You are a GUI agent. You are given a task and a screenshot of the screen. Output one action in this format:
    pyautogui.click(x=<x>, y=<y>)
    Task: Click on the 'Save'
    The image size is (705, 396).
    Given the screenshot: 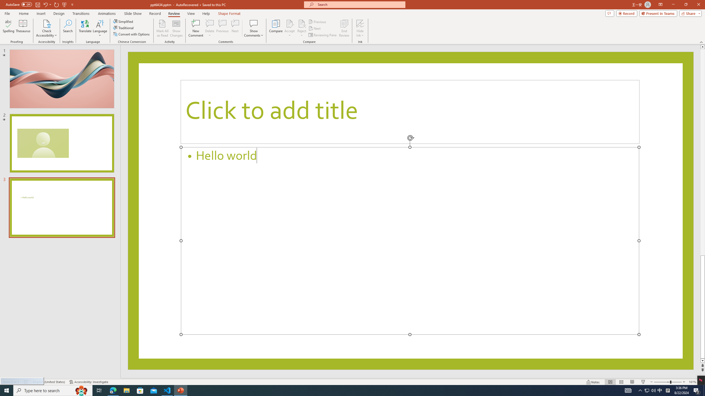 What is the action you would take?
    pyautogui.click(x=37, y=4)
    